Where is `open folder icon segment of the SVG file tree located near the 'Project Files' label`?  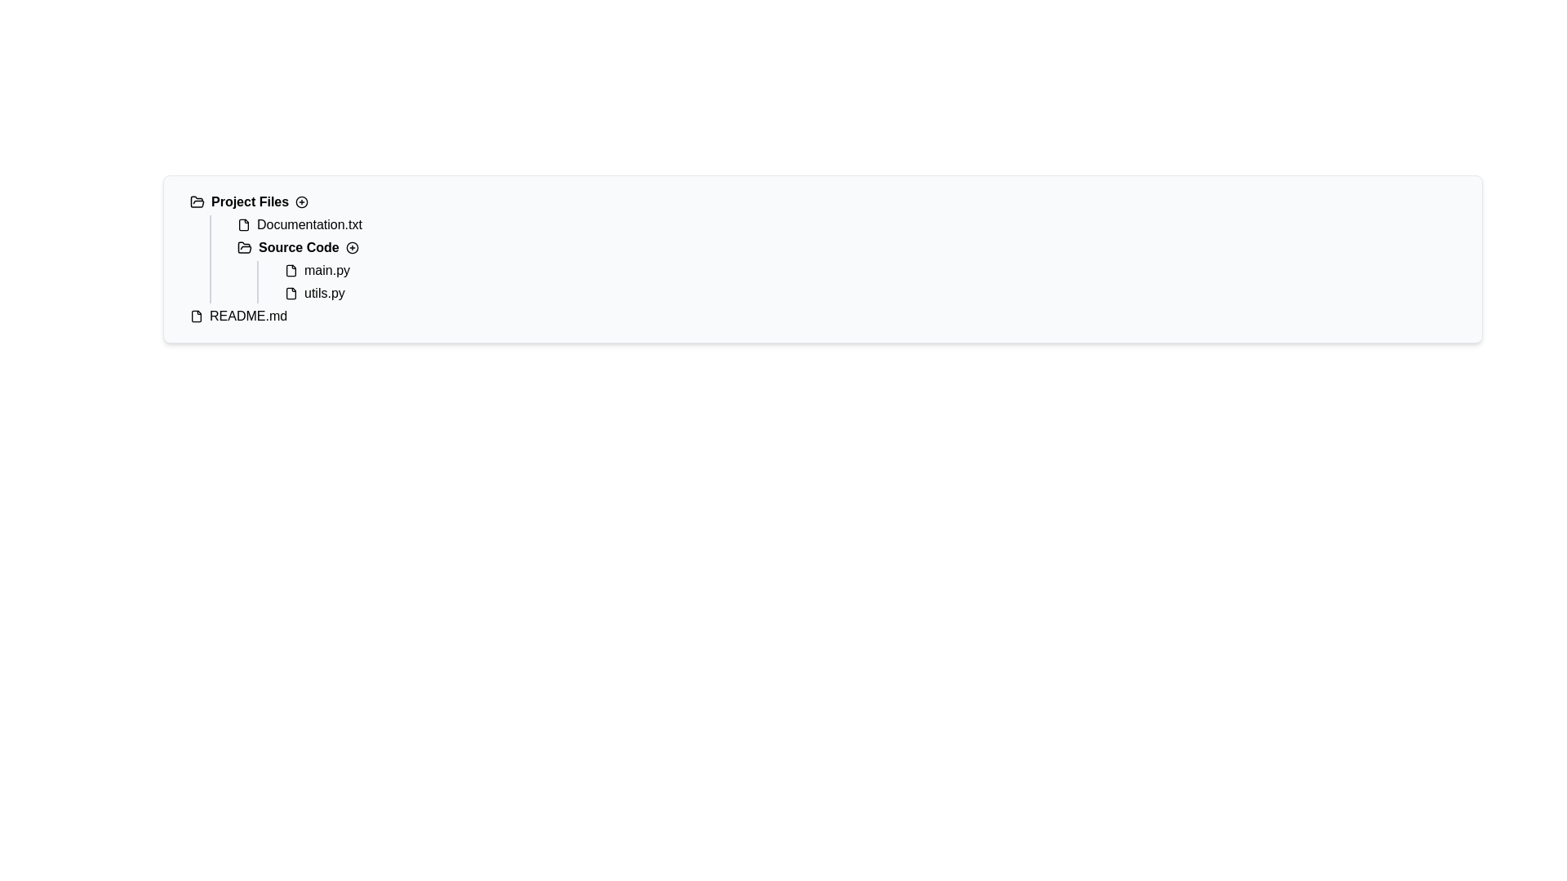
open folder icon segment of the SVG file tree located near the 'Project Files' label is located at coordinates (196, 201).